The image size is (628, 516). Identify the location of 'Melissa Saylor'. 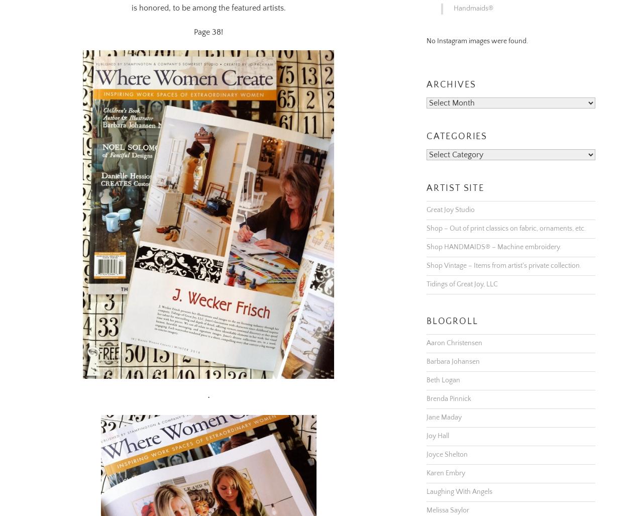
(448, 497).